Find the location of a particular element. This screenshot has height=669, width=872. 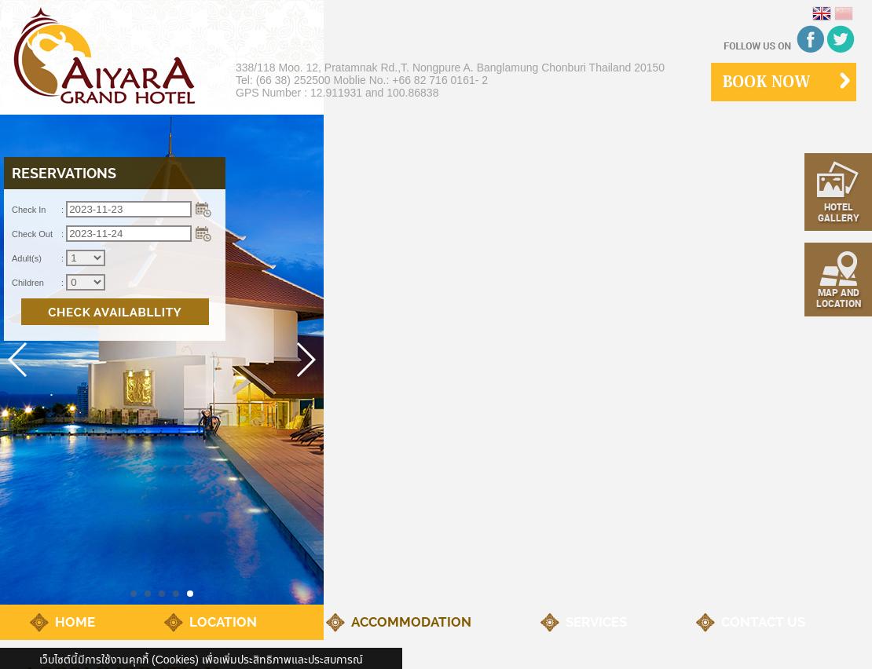

'Check In' is located at coordinates (28, 210).